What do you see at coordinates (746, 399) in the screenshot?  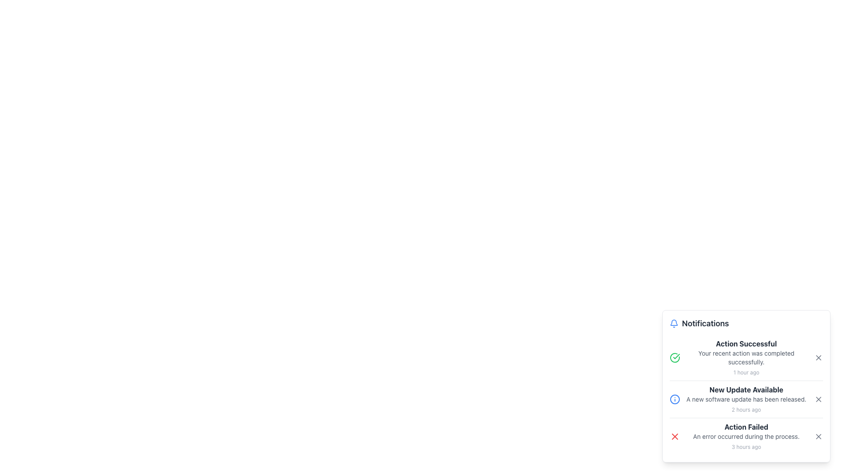 I see `informational text block about the new software update, which is the second notification in the notifications panel` at bounding box center [746, 399].